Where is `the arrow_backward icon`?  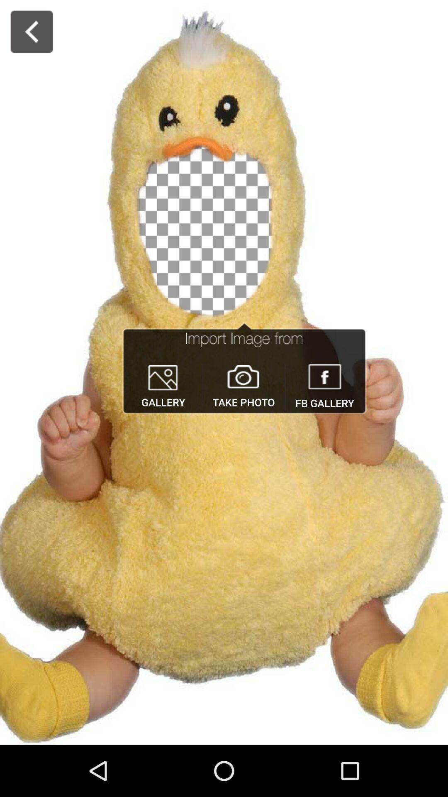
the arrow_backward icon is located at coordinates (31, 32).